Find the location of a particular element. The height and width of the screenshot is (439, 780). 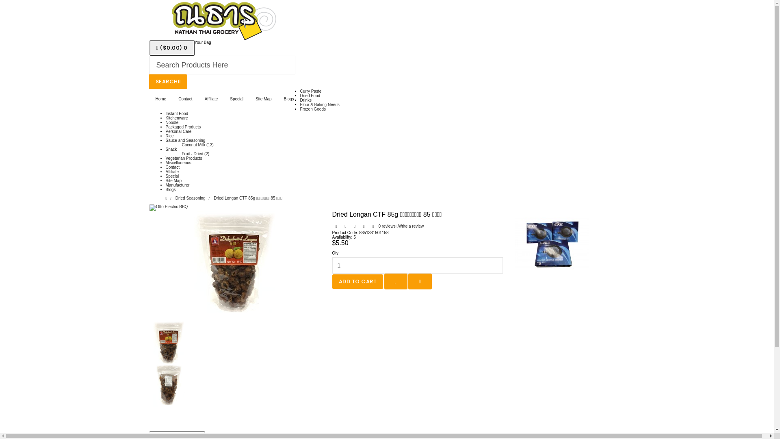

'Personal Care' is located at coordinates (178, 131).